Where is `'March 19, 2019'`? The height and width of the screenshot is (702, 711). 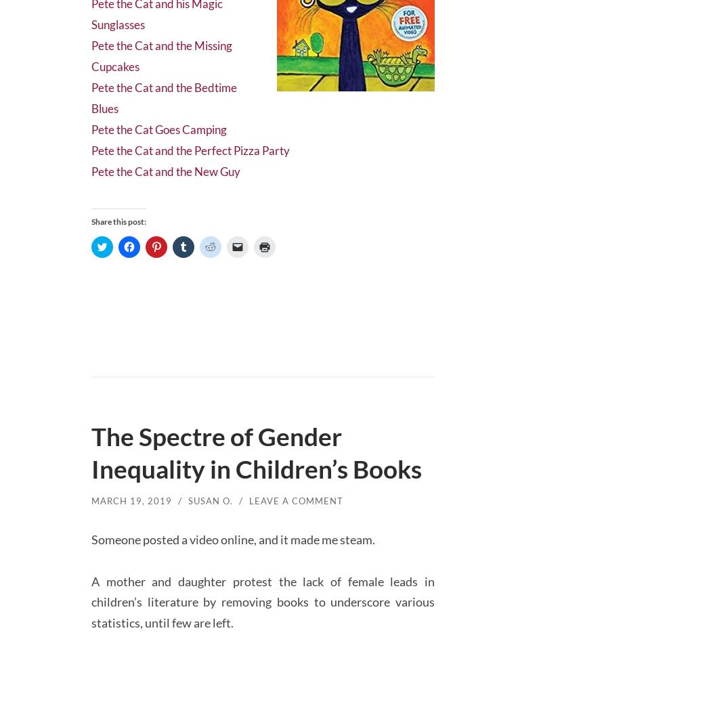
'March 19, 2019' is located at coordinates (91, 521).